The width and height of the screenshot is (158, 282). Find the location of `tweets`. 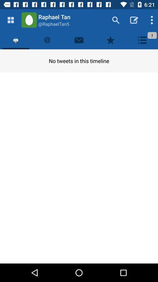

tweets is located at coordinates (16, 40).